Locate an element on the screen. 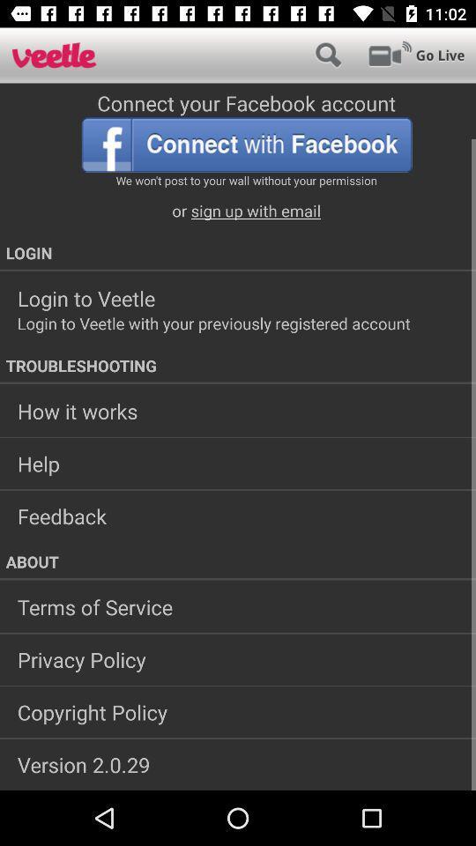  icon above the version 2 0 icon is located at coordinates (238, 712).